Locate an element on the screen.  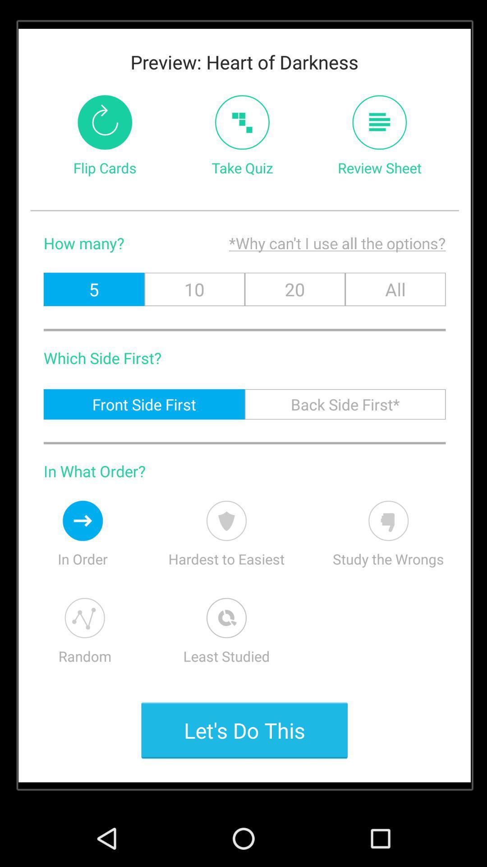
randomize flashcards is located at coordinates (85, 617).